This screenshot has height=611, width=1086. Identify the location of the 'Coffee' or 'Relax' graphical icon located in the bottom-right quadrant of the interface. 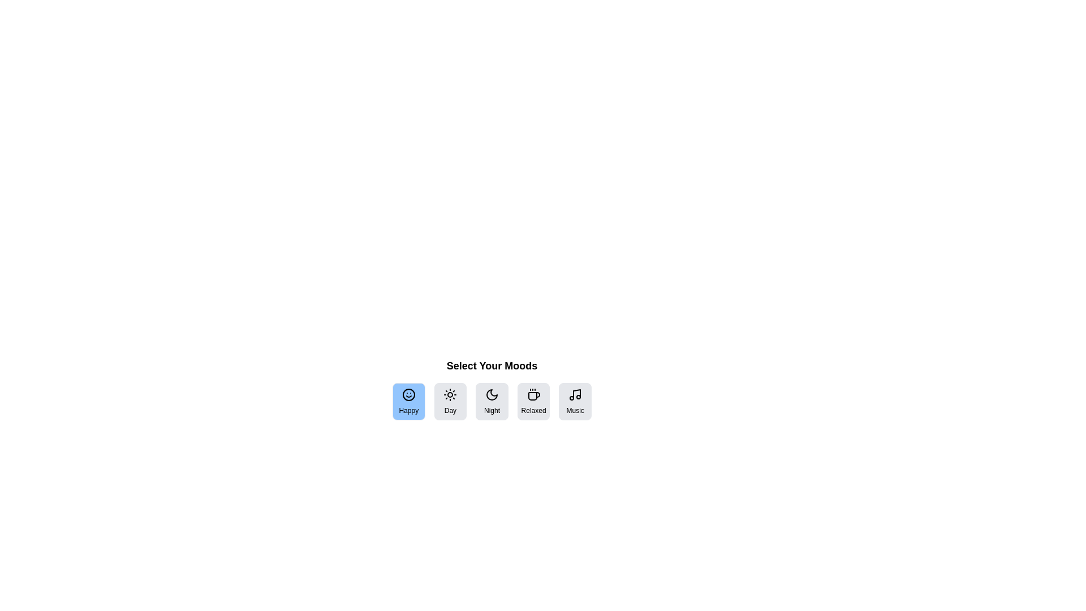
(533, 395).